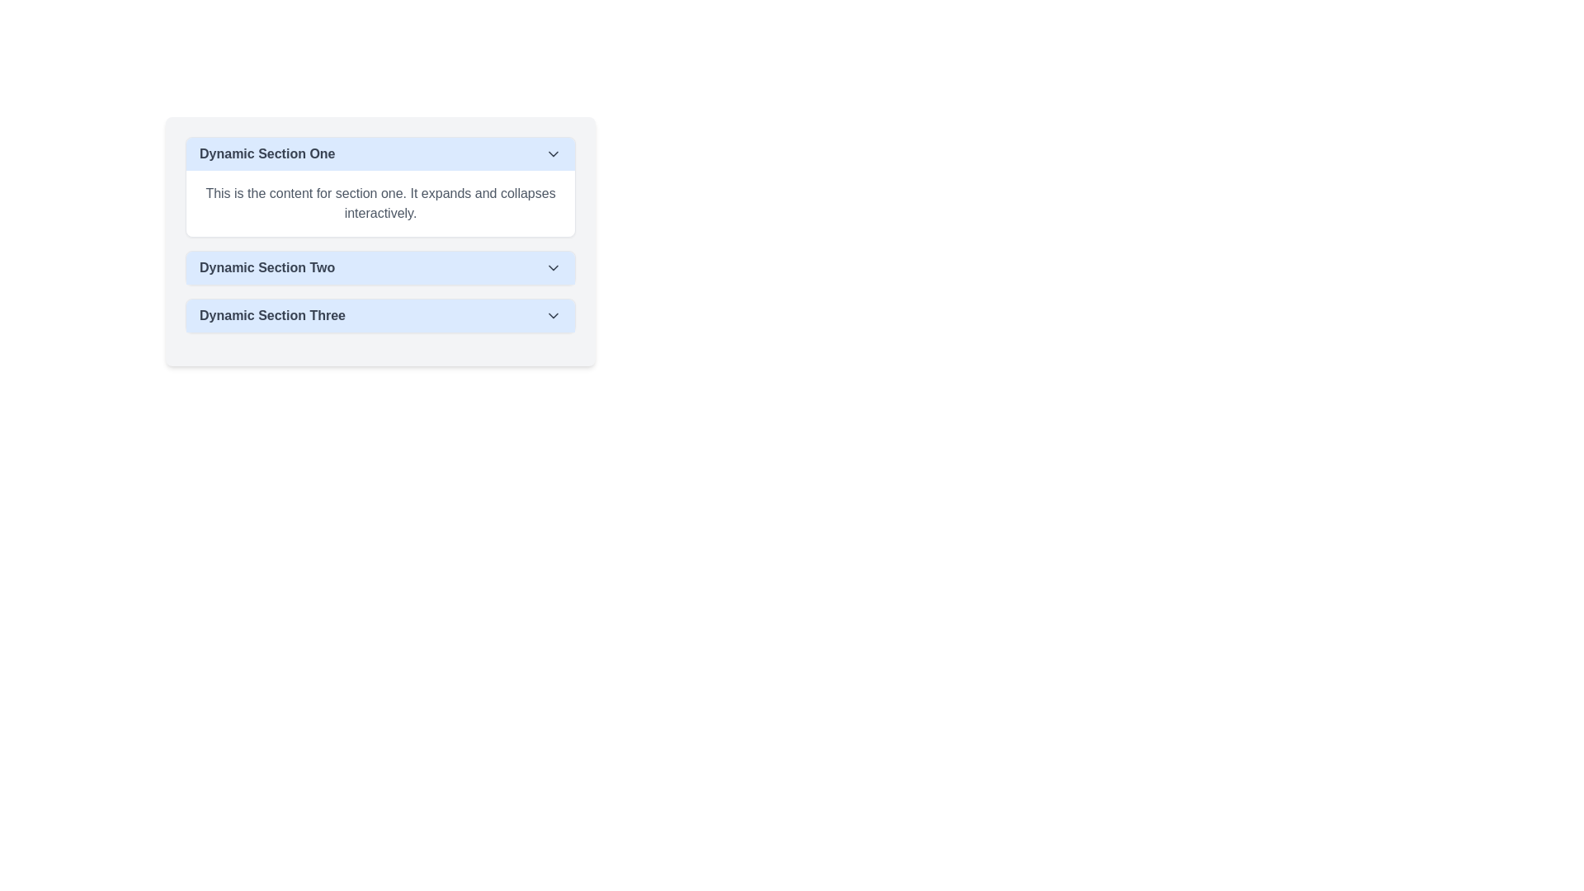 The image size is (1584, 891). Describe the element at coordinates (379, 202) in the screenshot. I see `the text block displaying 'This is the content for section one. It expands and collapses interactively.'` at that location.